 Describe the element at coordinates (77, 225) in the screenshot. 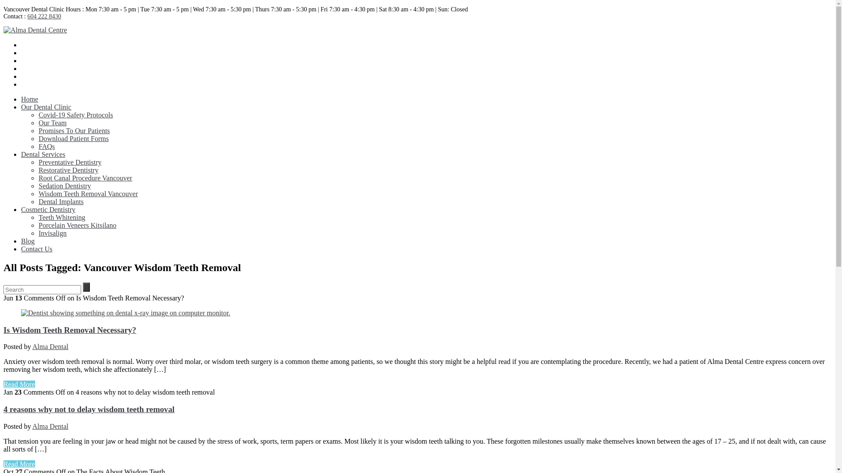

I see `'Porcelain Veneers Kitsilano'` at that location.